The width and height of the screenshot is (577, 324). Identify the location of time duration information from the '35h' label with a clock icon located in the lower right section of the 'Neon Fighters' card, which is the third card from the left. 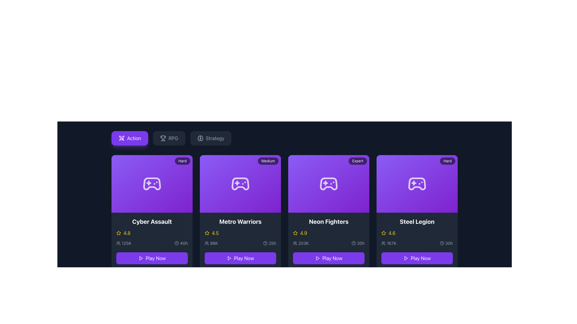
(358, 243).